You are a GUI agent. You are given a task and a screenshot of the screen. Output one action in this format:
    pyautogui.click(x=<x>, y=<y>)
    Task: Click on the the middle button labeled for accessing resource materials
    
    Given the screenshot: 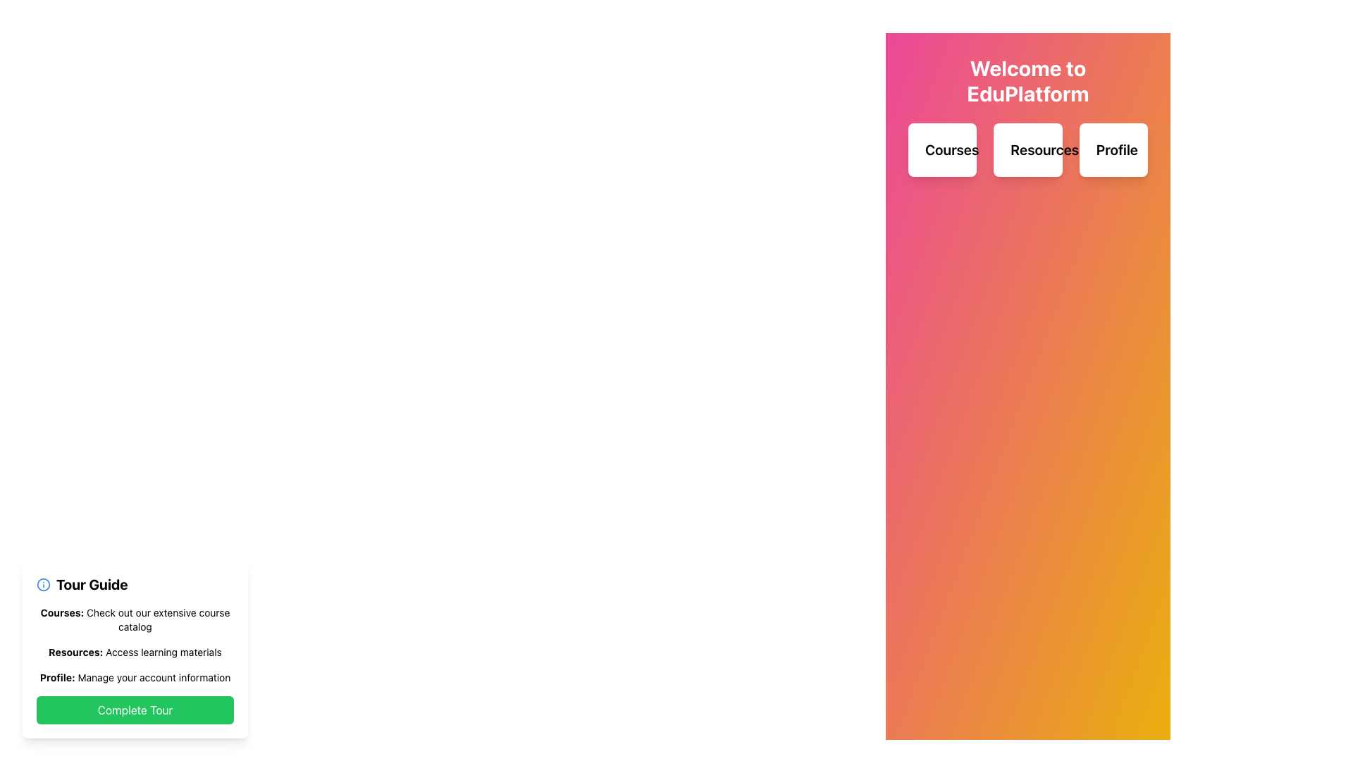 What is the action you would take?
    pyautogui.click(x=1027, y=149)
    